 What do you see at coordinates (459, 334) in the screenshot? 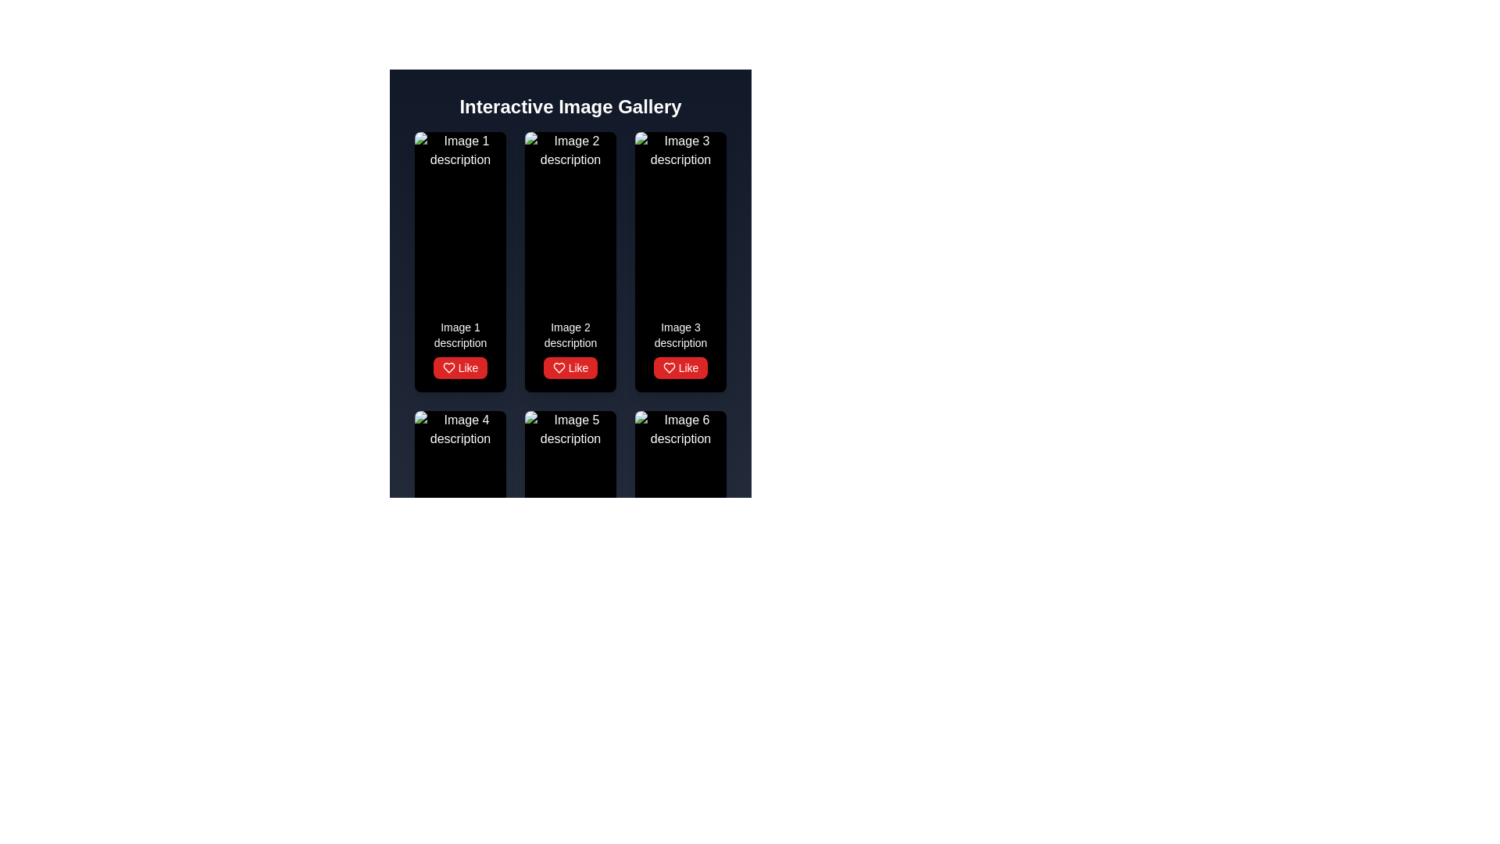
I see `descriptive text label located in the top-left section of the grid layout, which provides context for the associated image` at bounding box center [459, 334].